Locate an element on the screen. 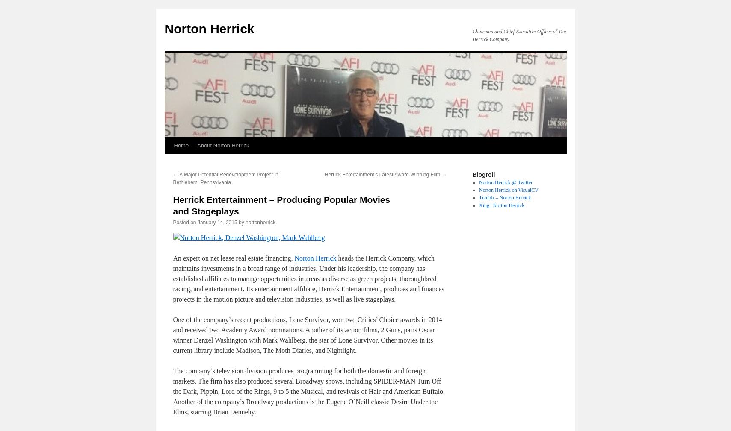 The image size is (731, 431). 'Herrick Entertainment’s Latest Award-Winning Film' is located at coordinates (383, 174).